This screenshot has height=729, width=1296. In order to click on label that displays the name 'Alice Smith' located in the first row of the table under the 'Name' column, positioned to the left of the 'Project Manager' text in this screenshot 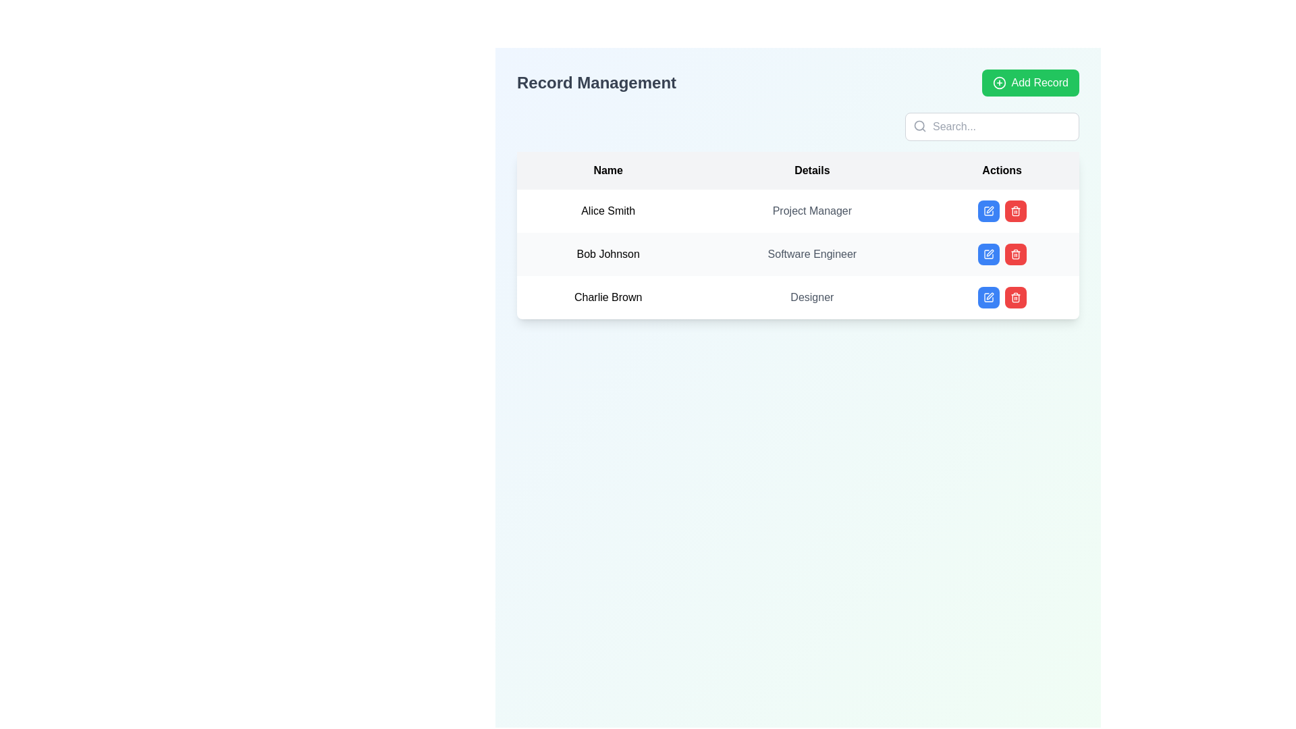, I will do `click(607, 211)`.